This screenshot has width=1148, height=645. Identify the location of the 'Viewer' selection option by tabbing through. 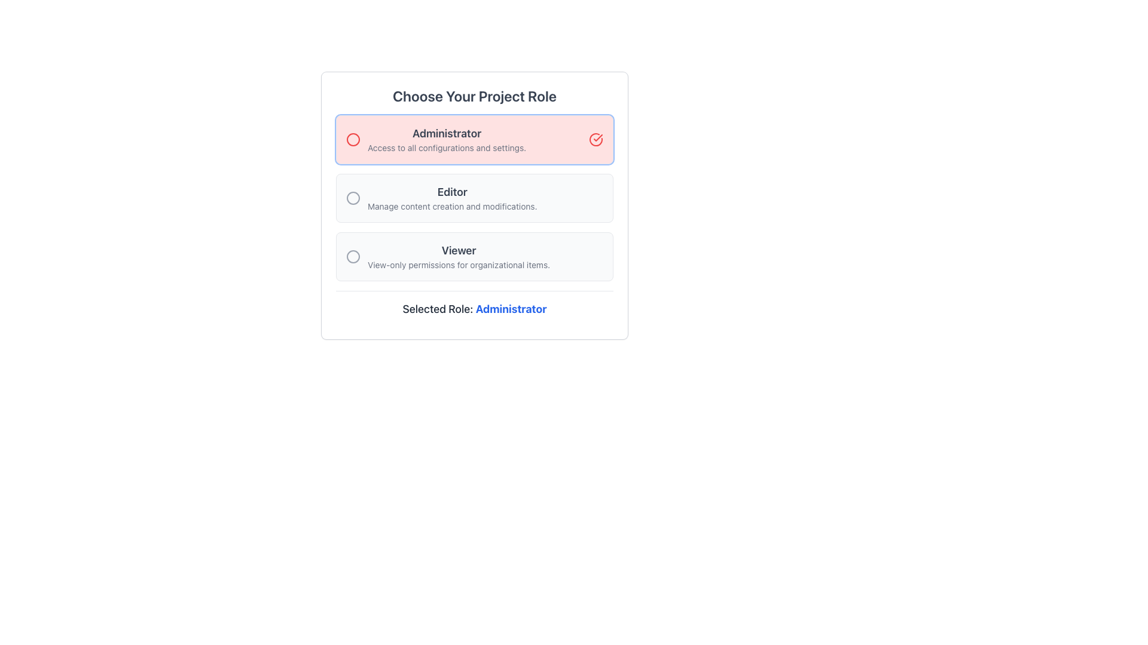
(447, 256).